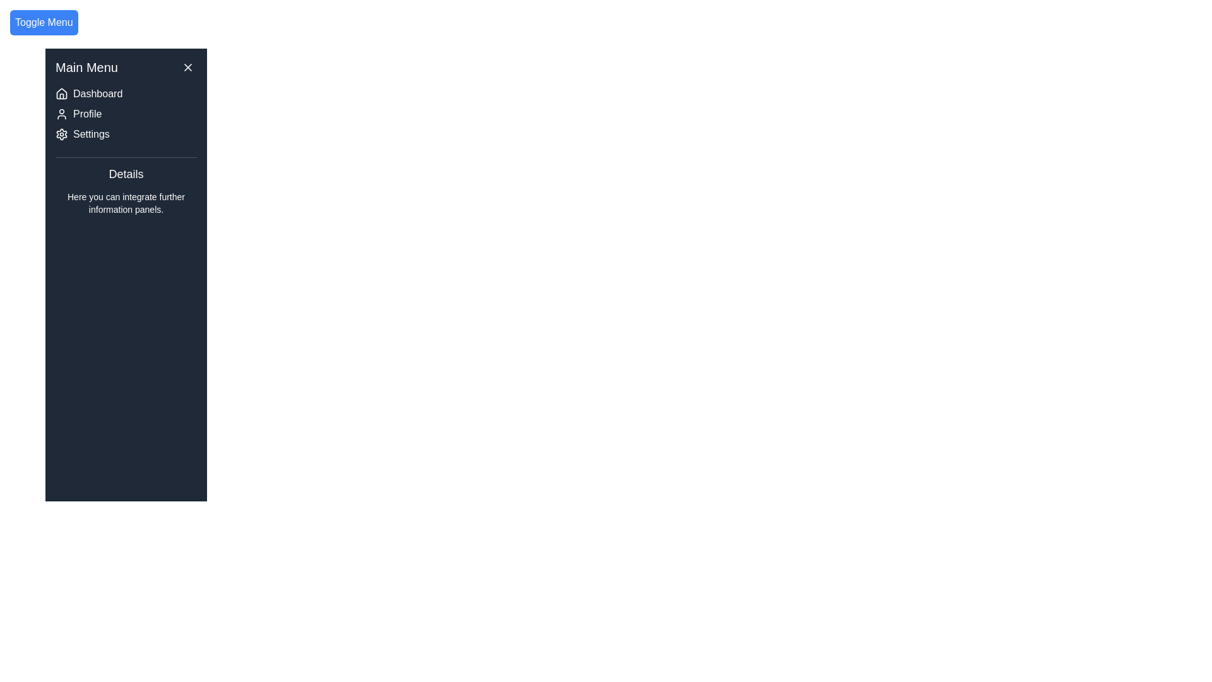 The width and height of the screenshot is (1212, 682). Describe the element at coordinates (187, 68) in the screenshot. I see `the close button represented by a stylized 'X' in the top-right corner of the sidebar` at that location.